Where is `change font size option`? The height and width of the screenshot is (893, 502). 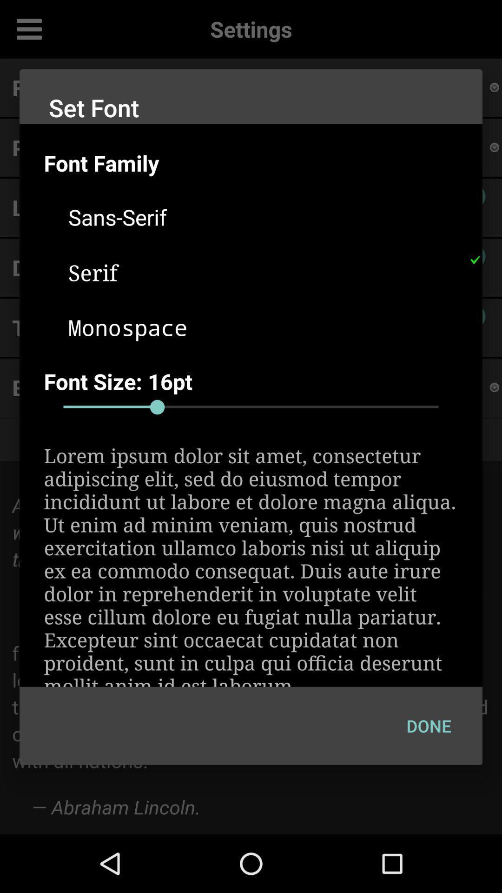 change font size option is located at coordinates (251, 407).